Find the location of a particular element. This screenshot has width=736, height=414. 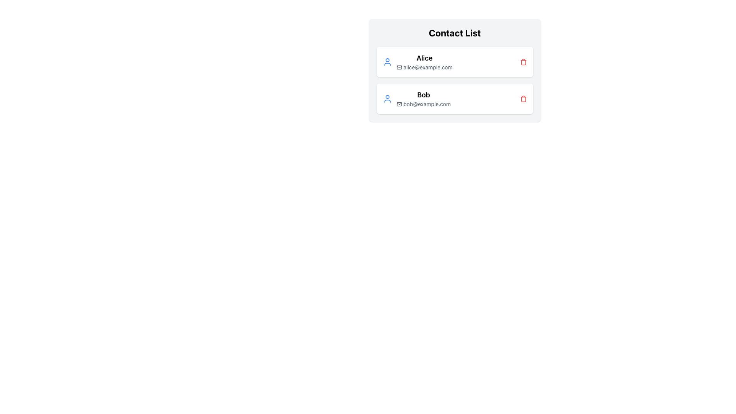

the second contact item in the contact list, which is located below the 'Alice' contact item is located at coordinates (455, 99).